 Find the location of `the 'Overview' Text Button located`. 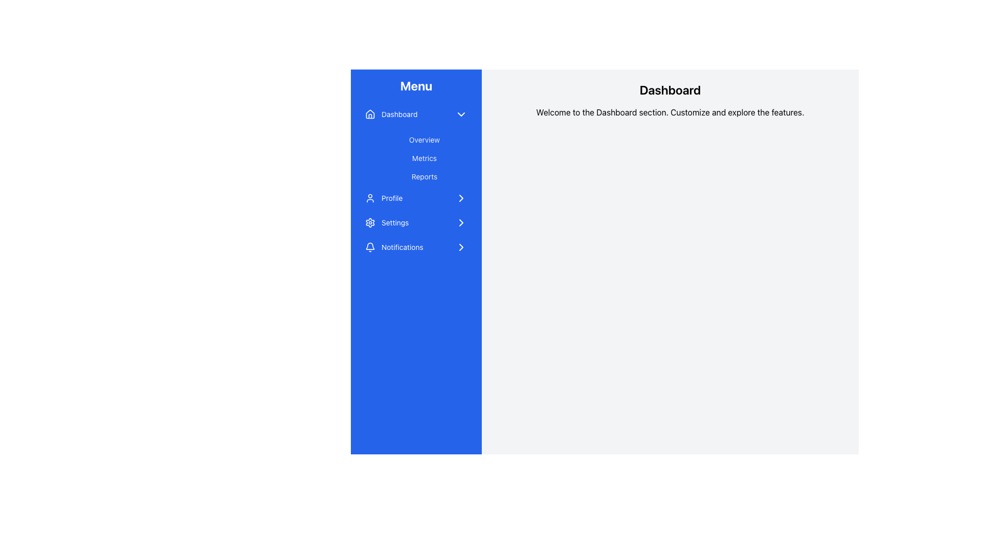

the 'Overview' Text Button located is located at coordinates (416, 144).